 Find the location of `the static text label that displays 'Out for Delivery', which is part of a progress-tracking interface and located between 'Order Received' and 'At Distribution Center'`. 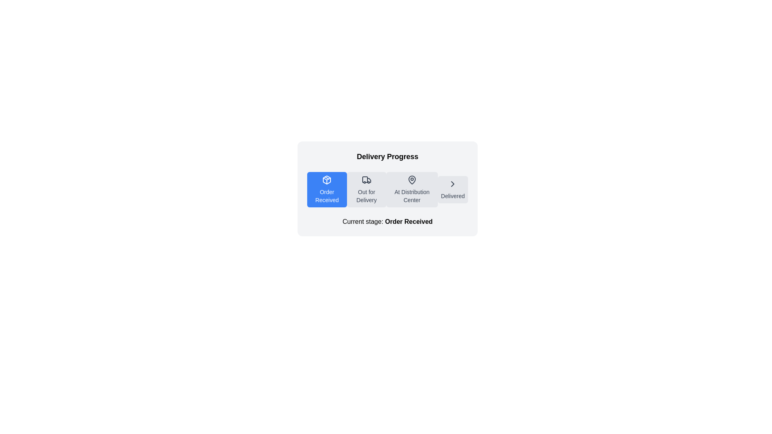

the static text label that displays 'Out for Delivery', which is part of a progress-tracking interface and located between 'Order Received' and 'At Distribution Center' is located at coordinates (366, 196).